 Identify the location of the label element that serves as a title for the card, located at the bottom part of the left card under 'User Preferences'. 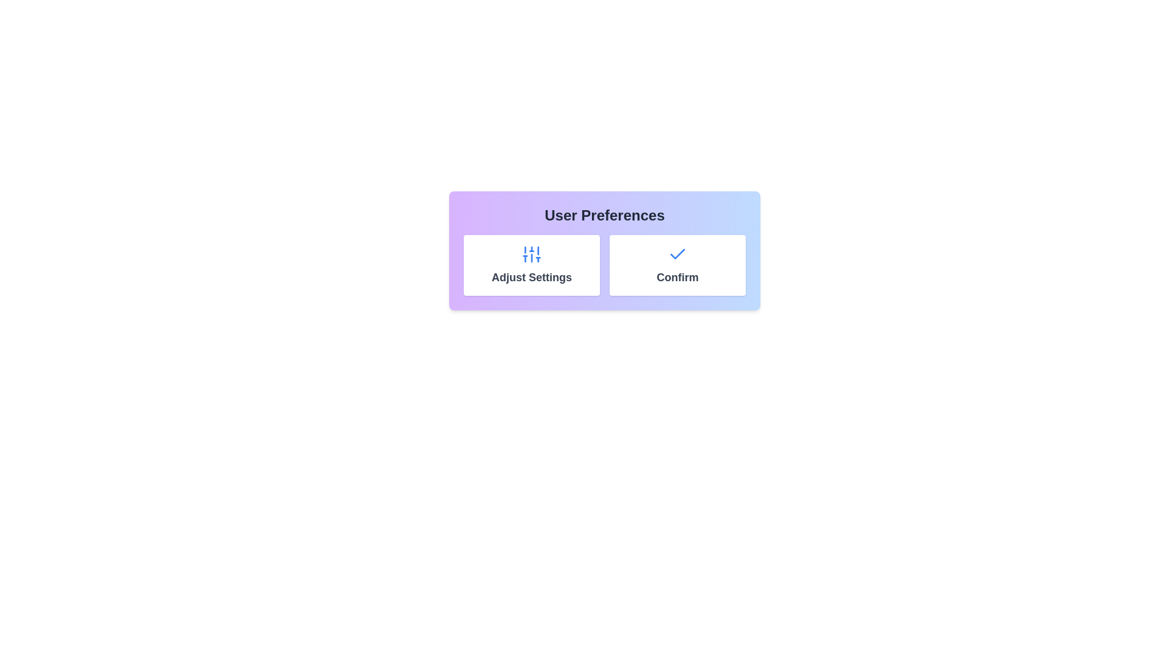
(531, 277).